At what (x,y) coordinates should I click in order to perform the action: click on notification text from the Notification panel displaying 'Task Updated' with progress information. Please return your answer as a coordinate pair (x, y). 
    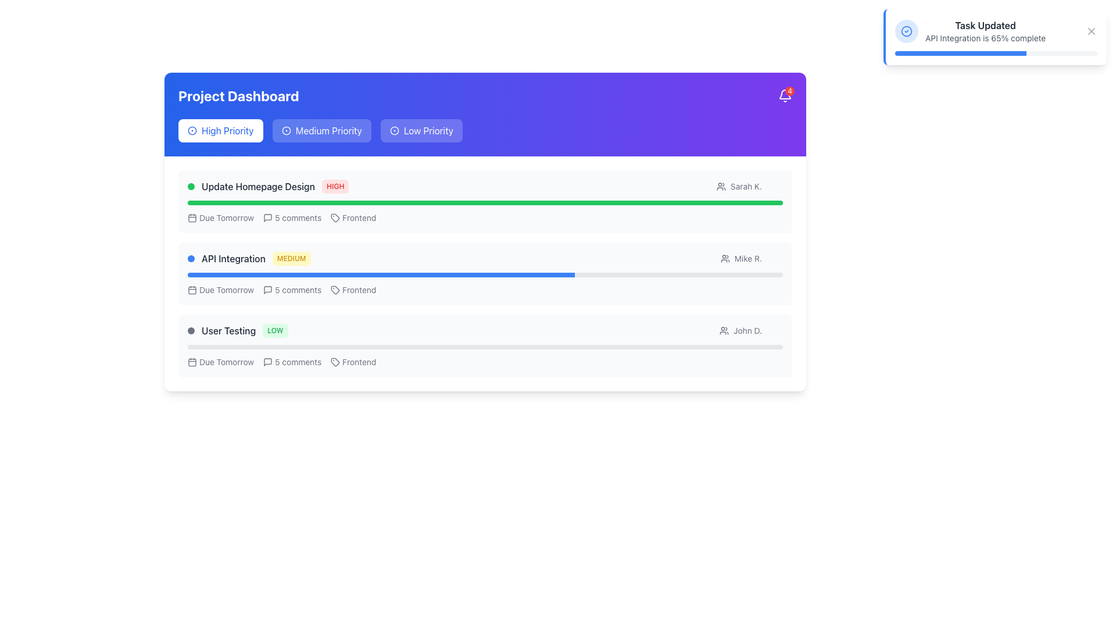
    Looking at the image, I should click on (995, 37).